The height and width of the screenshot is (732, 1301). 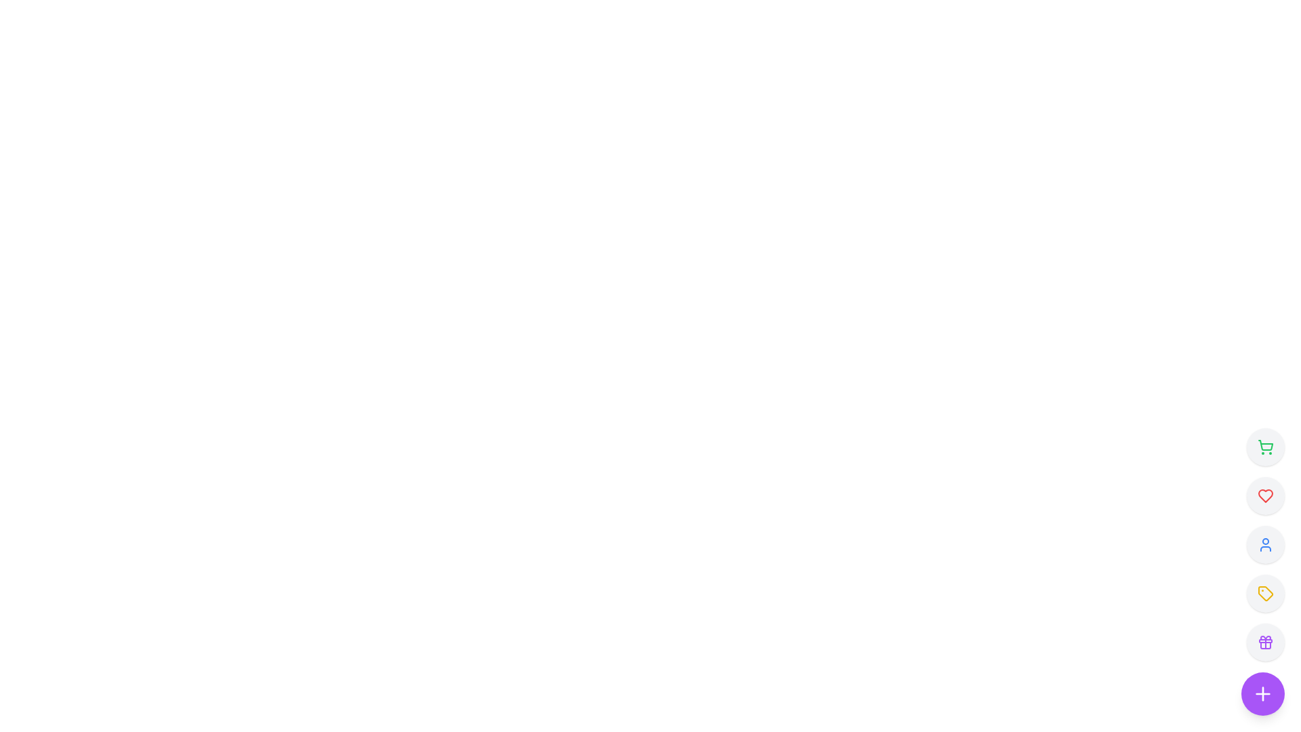 I want to click on the circular button with a gray background and a blue user icon, which is the third button in a vertical list, so click(x=1264, y=544).